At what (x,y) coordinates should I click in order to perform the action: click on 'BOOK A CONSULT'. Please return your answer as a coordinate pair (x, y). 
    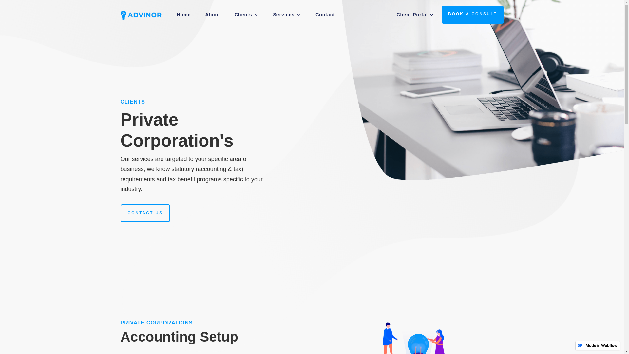
    Looking at the image, I should click on (442, 15).